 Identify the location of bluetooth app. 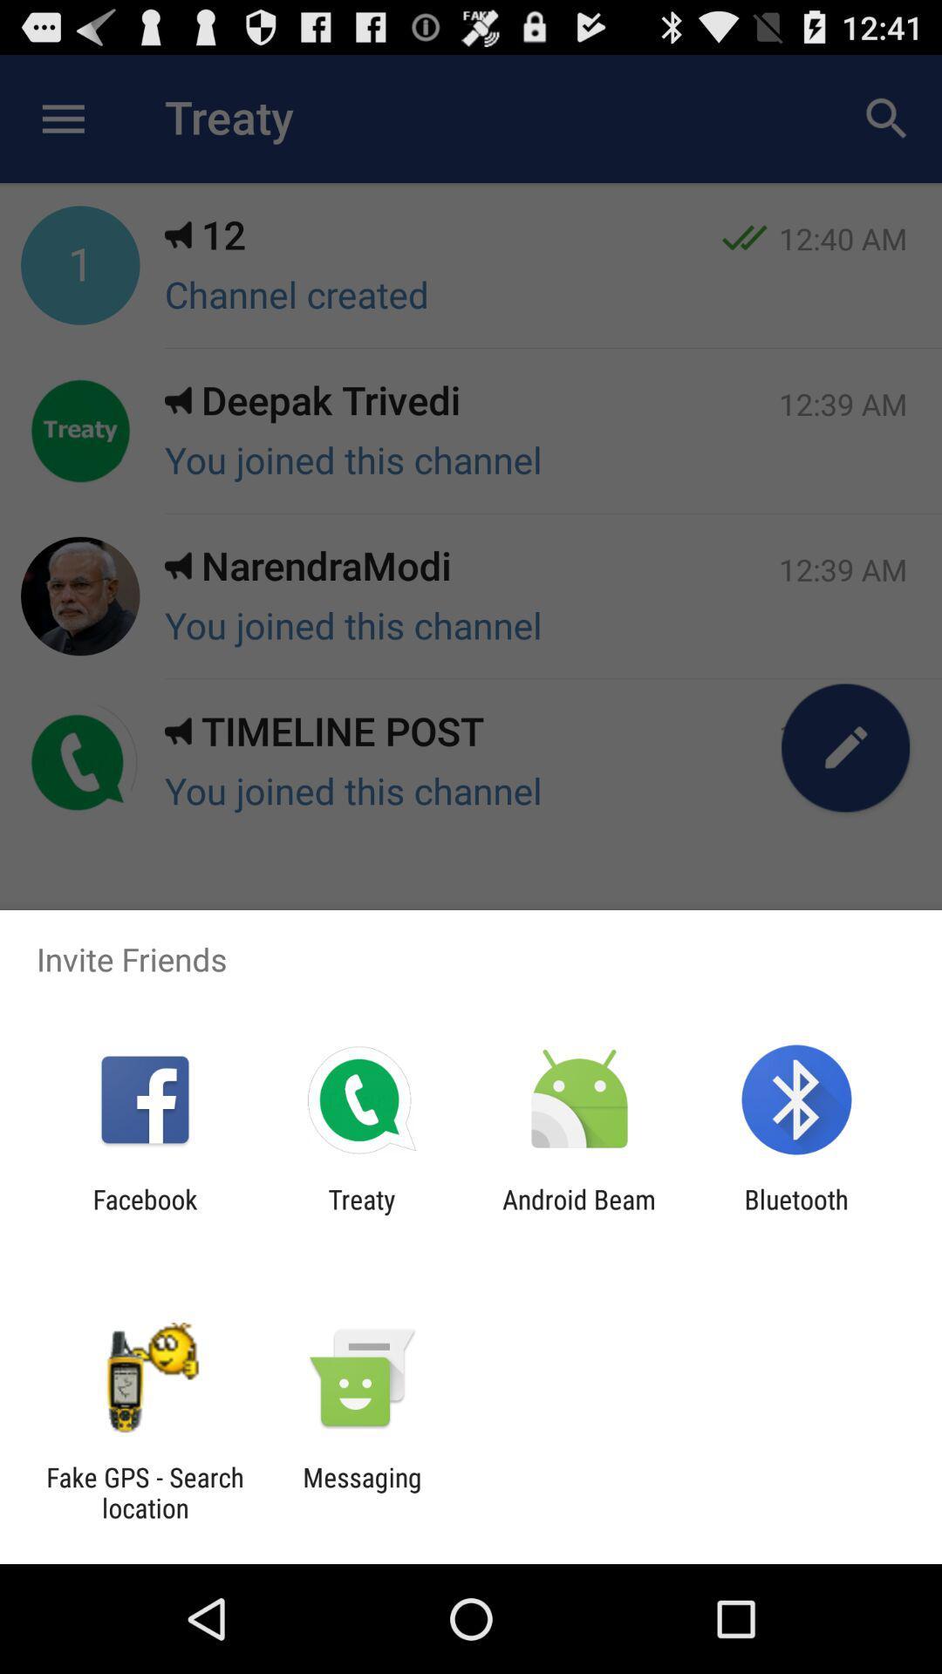
(796, 1214).